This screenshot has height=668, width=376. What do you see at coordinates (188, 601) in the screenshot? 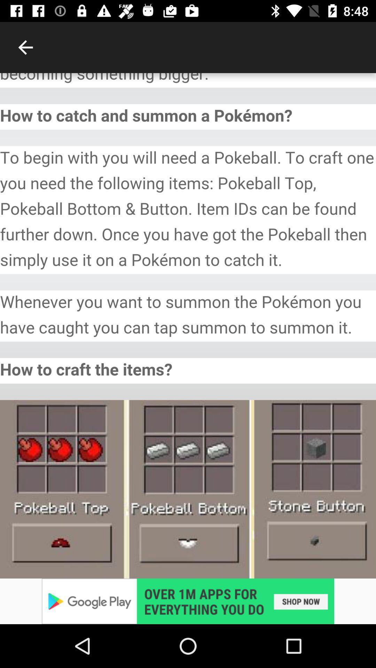
I see `just play` at bounding box center [188, 601].